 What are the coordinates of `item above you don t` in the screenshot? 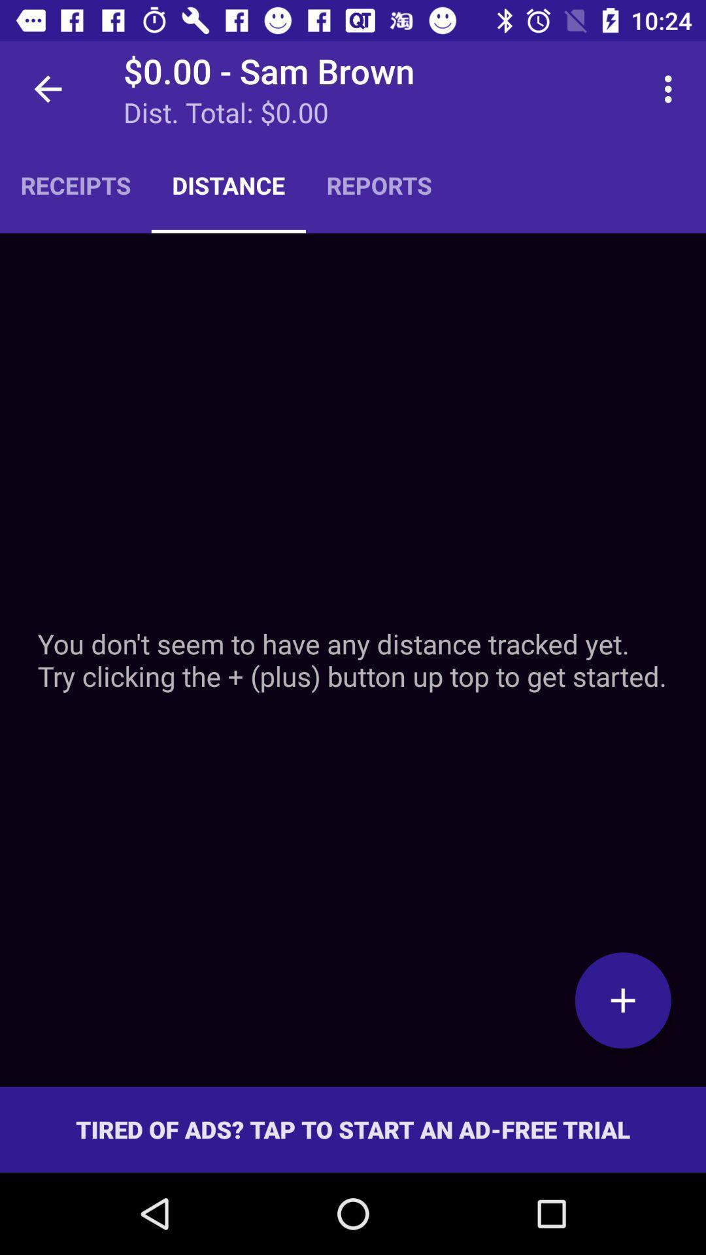 It's located at (75, 184).